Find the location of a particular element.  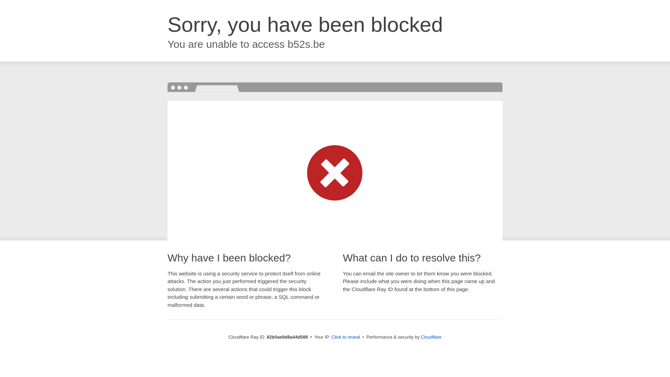

'Cloudflare' is located at coordinates (431, 337).